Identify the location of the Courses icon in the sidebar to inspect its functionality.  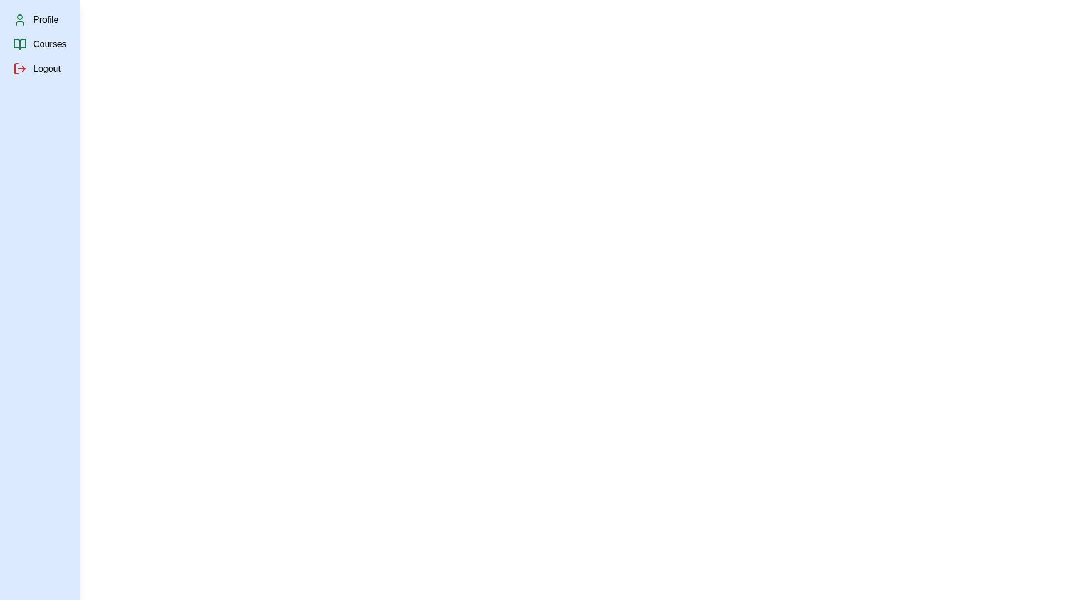
(19, 44).